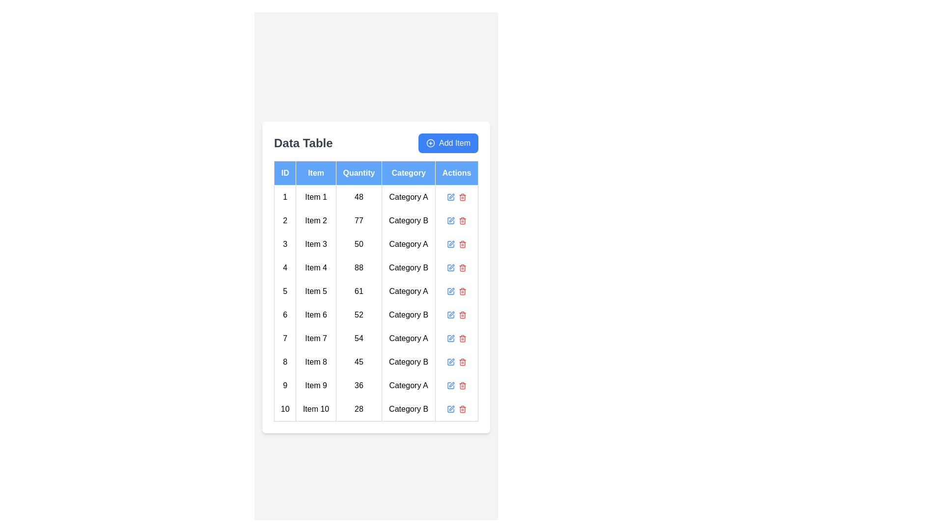  I want to click on the delete icon located in the 'Actions' column, specifically the second icon from the left in the sixth row of the table, so click(462, 315).